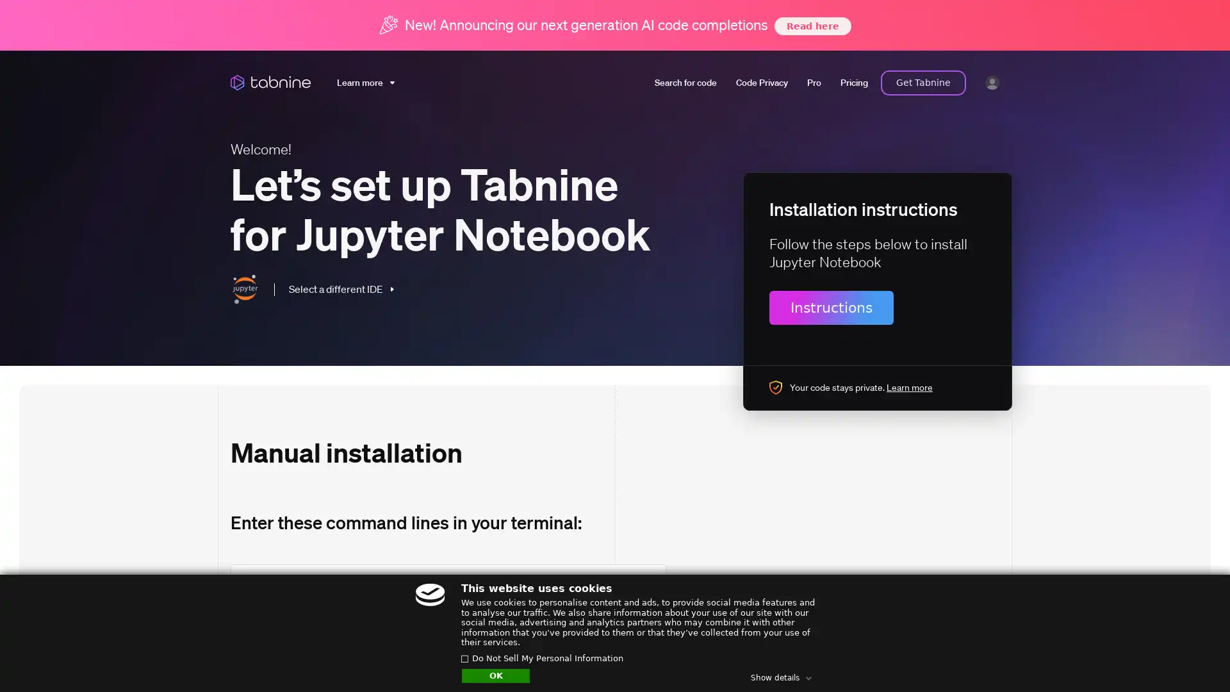 This screenshot has height=692, width=1230. I want to click on Instructions, so click(831, 307).